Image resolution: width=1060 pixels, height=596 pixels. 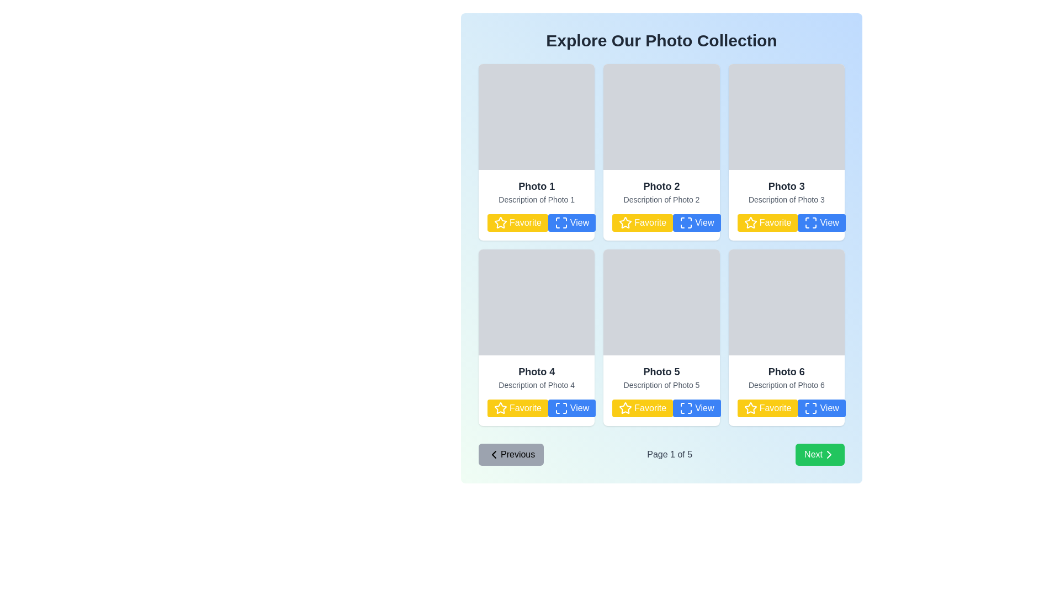 I want to click on the text label displaying 'Description of Photo 3' located below the heading 'Photo 3' in the top-right content card, so click(x=786, y=200).